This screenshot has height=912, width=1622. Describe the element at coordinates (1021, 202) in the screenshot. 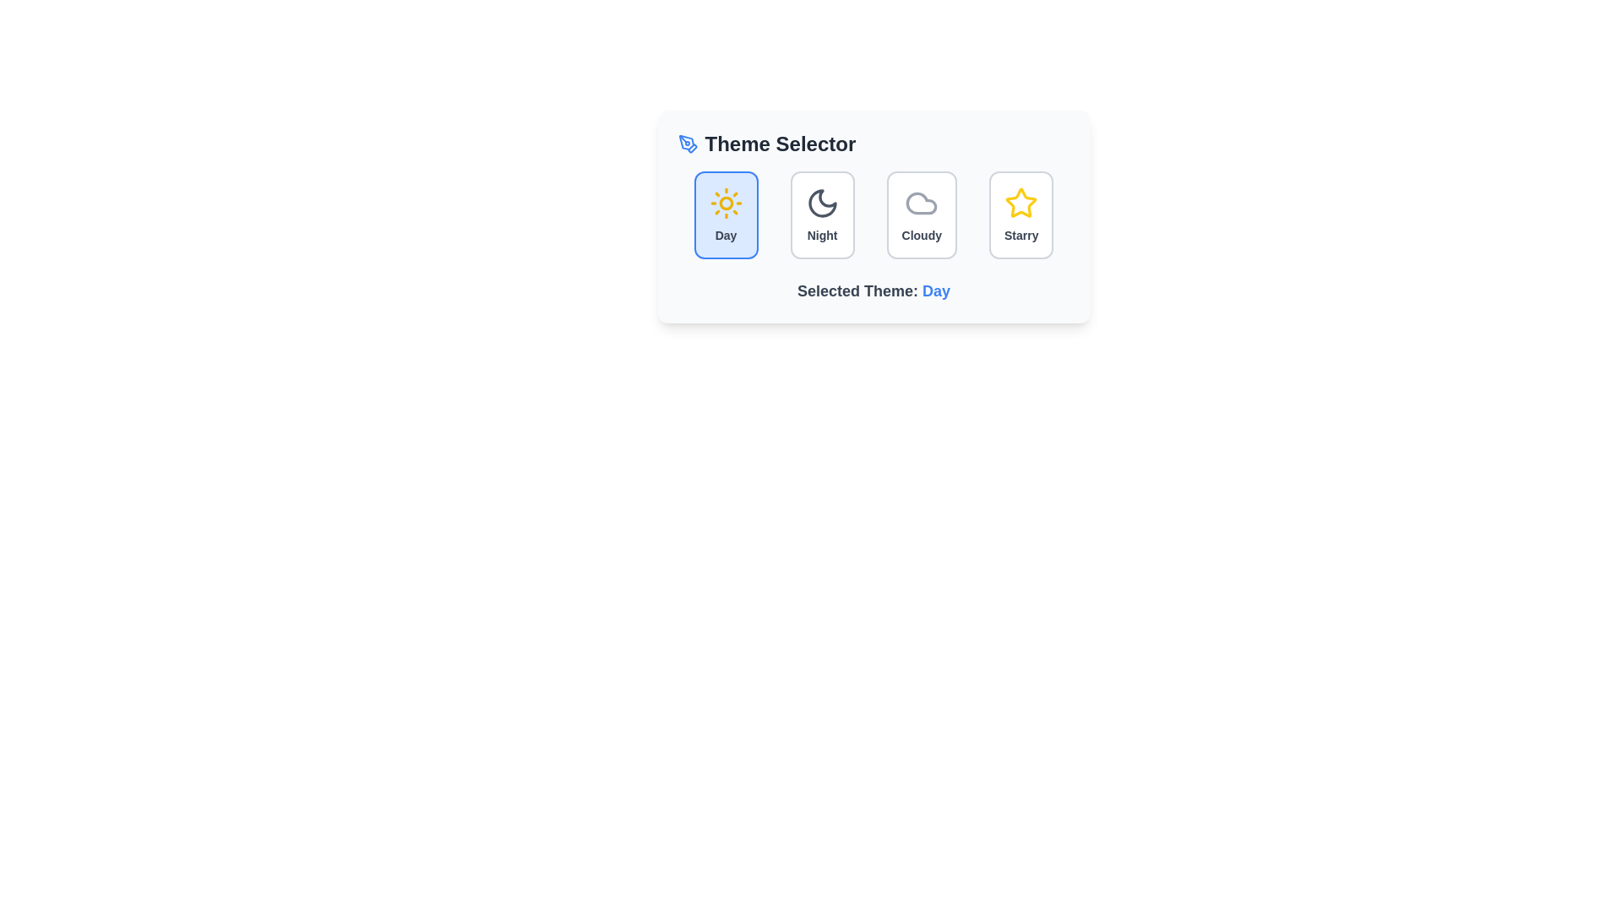

I see `the prominent five-point star icon with a bold yellow stroke` at that location.